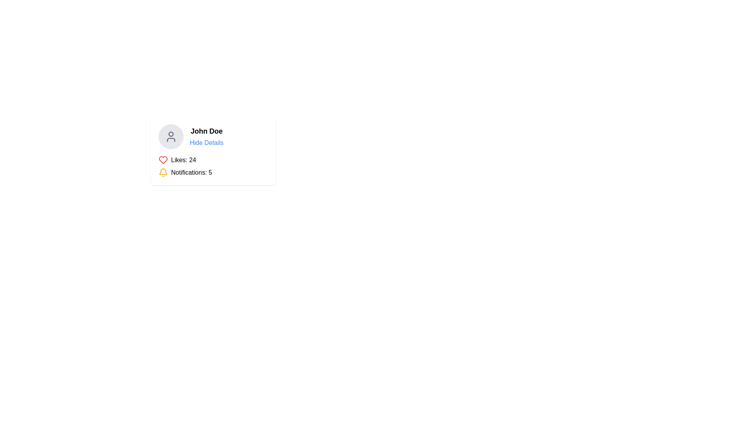  What do you see at coordinates (213, 136) in the screenshot?
I see `the 'Hide Details' link in the User Profile Component, which displays user information and toggles additional details` at bounding box center [213, 136].